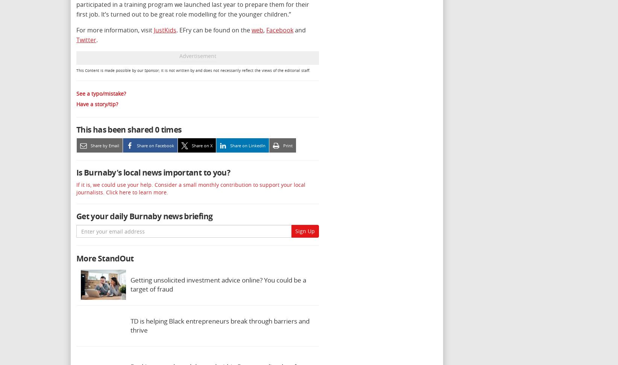 The height and width of the screenshot is (365, 618). What do you see at coordinates (104, 145) in the screenshot?
I see `'Share by Email'` at bounding box center [104, 145].